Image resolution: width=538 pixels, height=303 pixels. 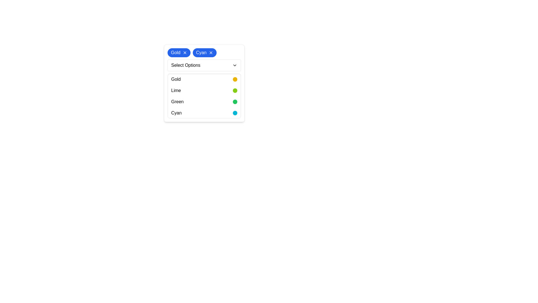 What do you see at coordinates (178, 53) in the screenshot?
I see `the 'X' icon on the right side of the 'Gold' pill-shaped button` at bounding box center [178, 53].